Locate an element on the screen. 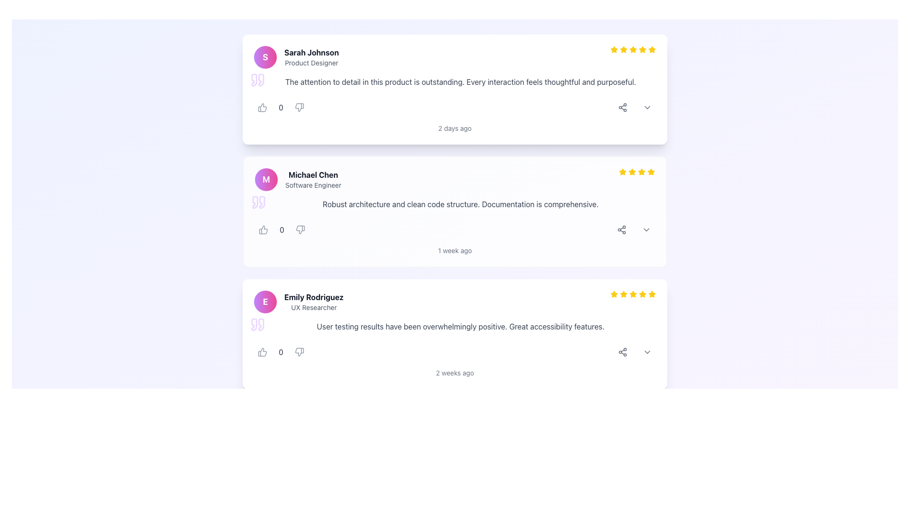 This screenshot has width=910, height=512. the text display element that shows the name and role of the user, located in the middle of the second card, to the right of the circular avatar with the letter 'M' is located at coordinates (313, 179).